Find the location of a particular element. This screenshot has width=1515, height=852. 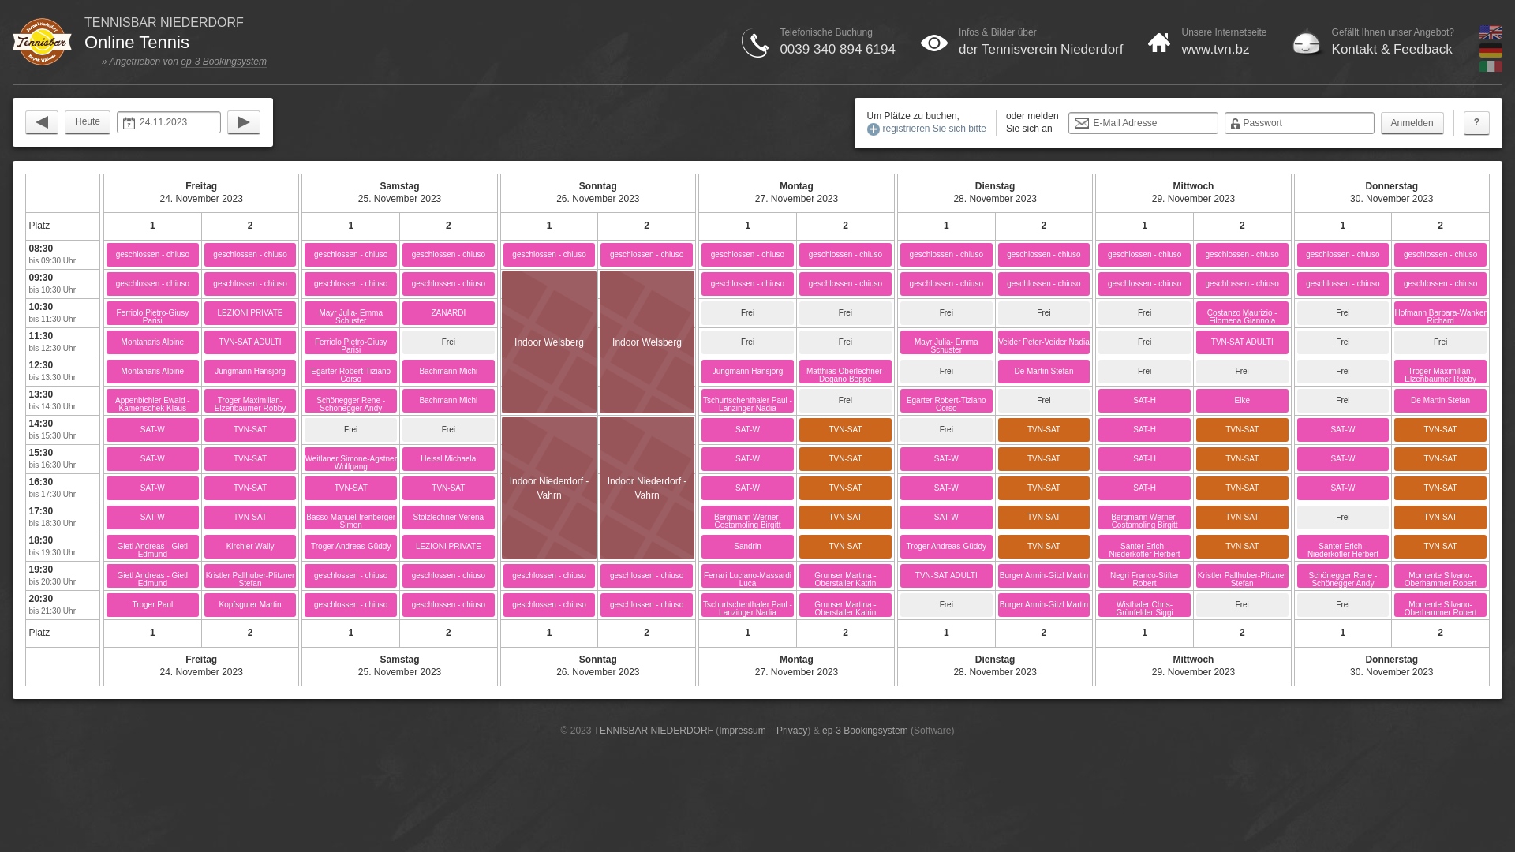

'Indoor Niederdorf - Vahrn' is located at coordinates (600, 459).